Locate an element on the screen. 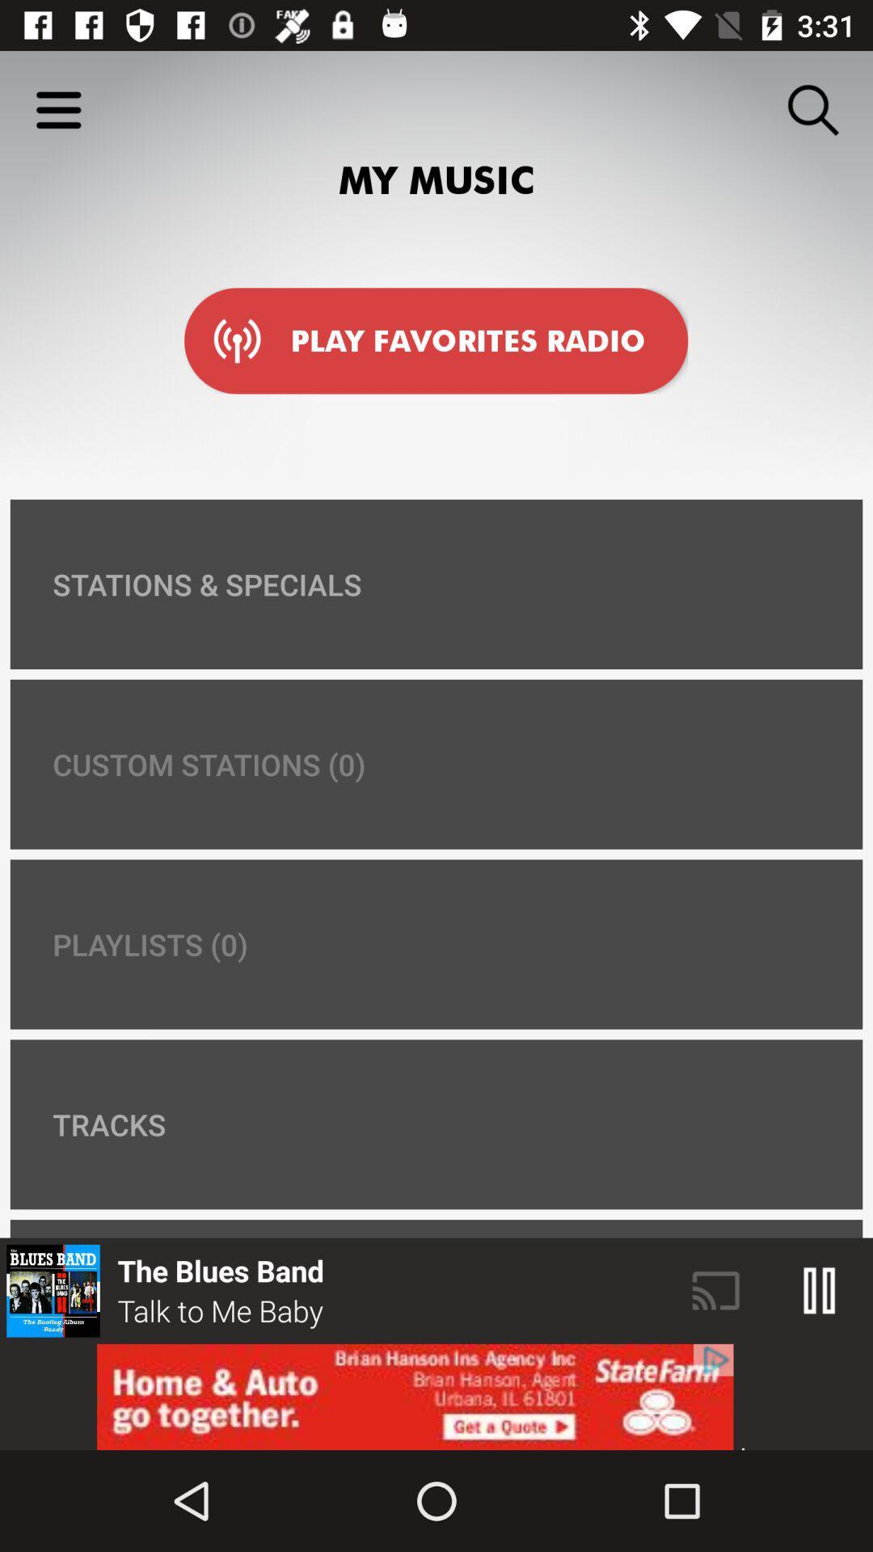 The height and width of the screenshot is (1552, 873). the pause icon is located at coordinates (820, 1290).